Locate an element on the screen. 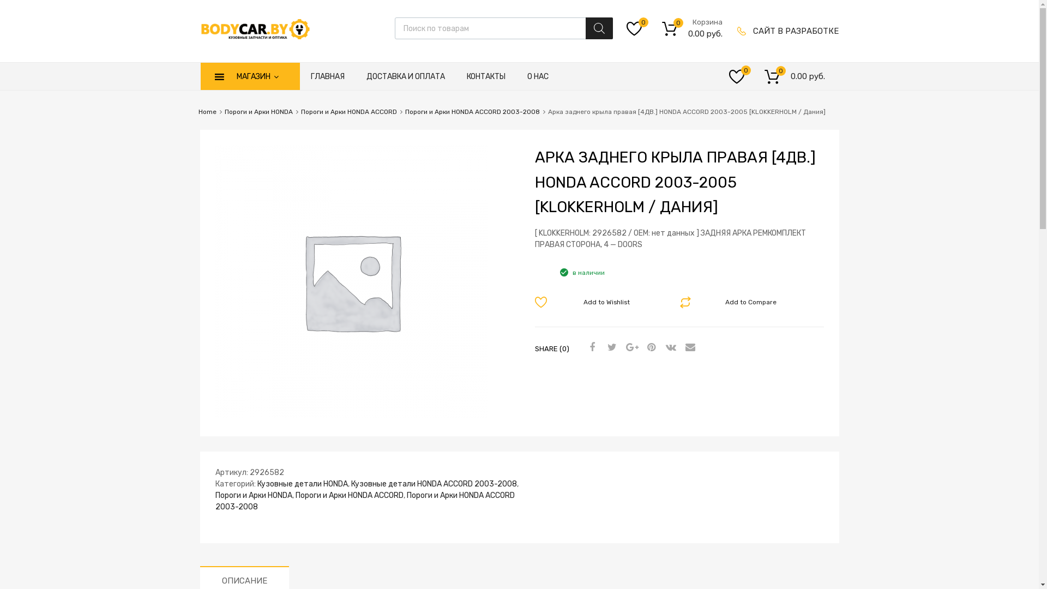  'Share an image on Pinterest' is located at coordinates (649, 347).